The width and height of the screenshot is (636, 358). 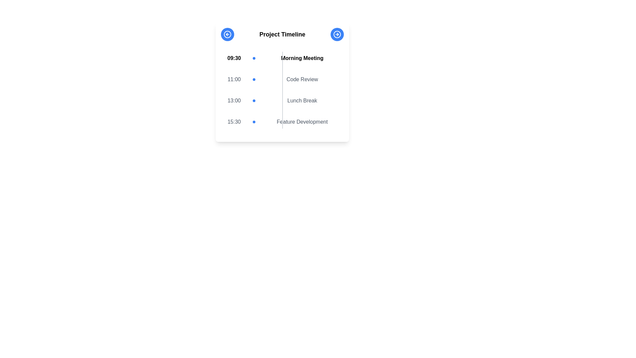 What do you see at coordinates (234, 101) in the screenshot?
I see `the time displayed in the text label showing '13:00', which is positioned in the third row of the schedule layout as the first subcomponent describing 'Lunch Break'` at bounding box center [234, 101].